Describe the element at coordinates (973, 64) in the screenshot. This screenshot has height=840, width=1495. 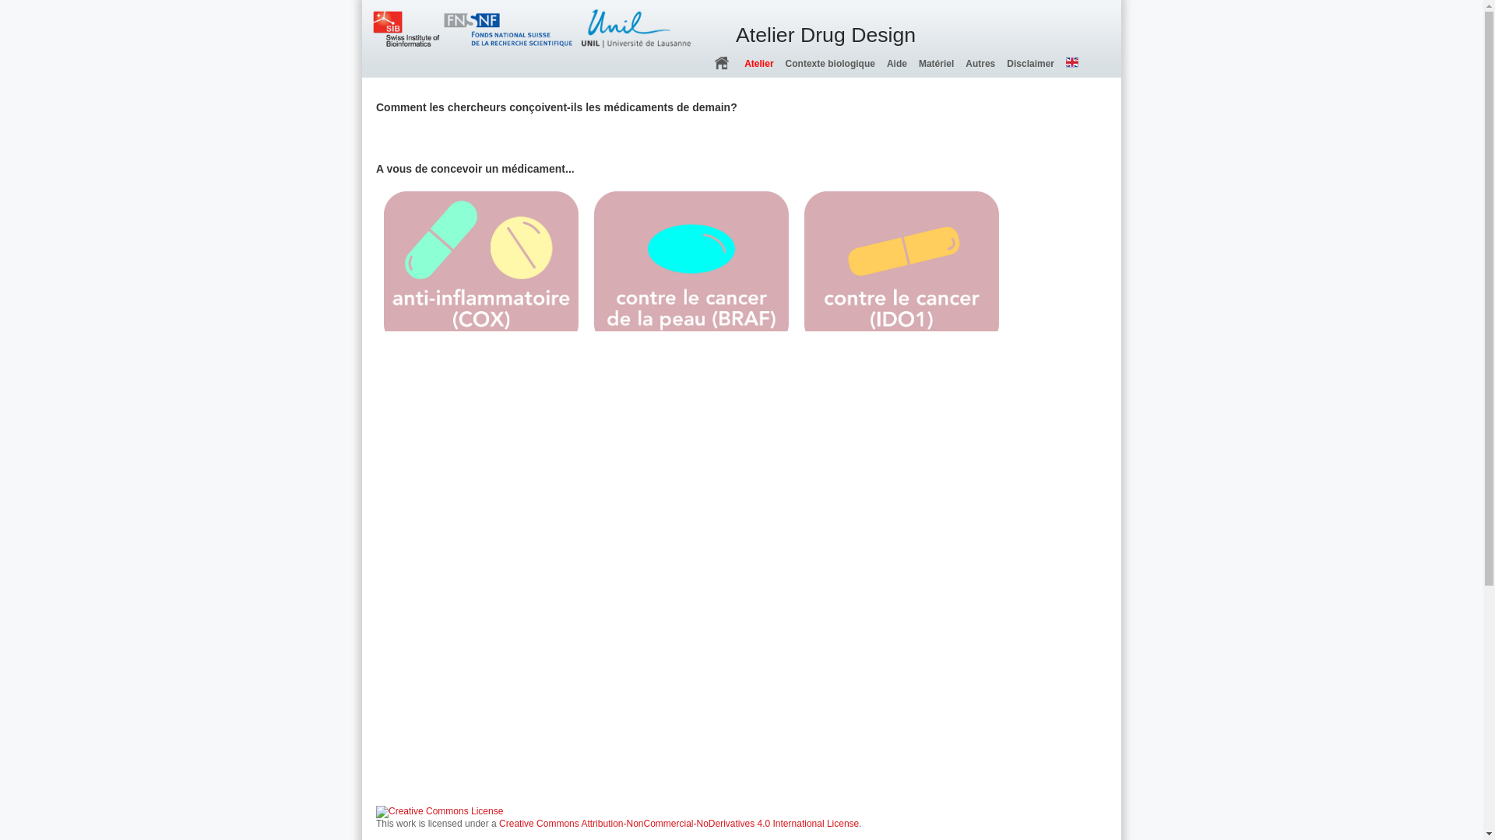
I see `'Autres'` at that location.